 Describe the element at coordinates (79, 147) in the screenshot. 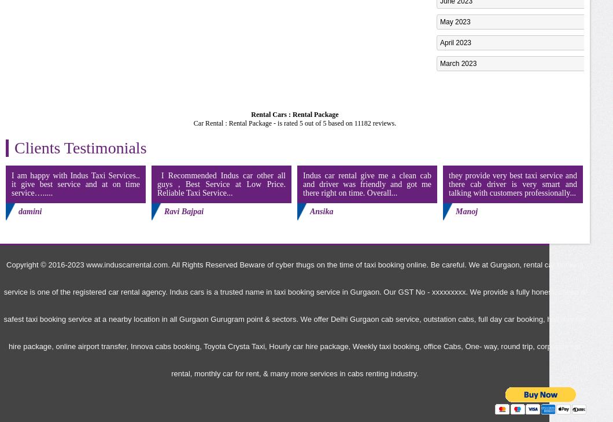

I see `'Clients Testimonials'` at that location.